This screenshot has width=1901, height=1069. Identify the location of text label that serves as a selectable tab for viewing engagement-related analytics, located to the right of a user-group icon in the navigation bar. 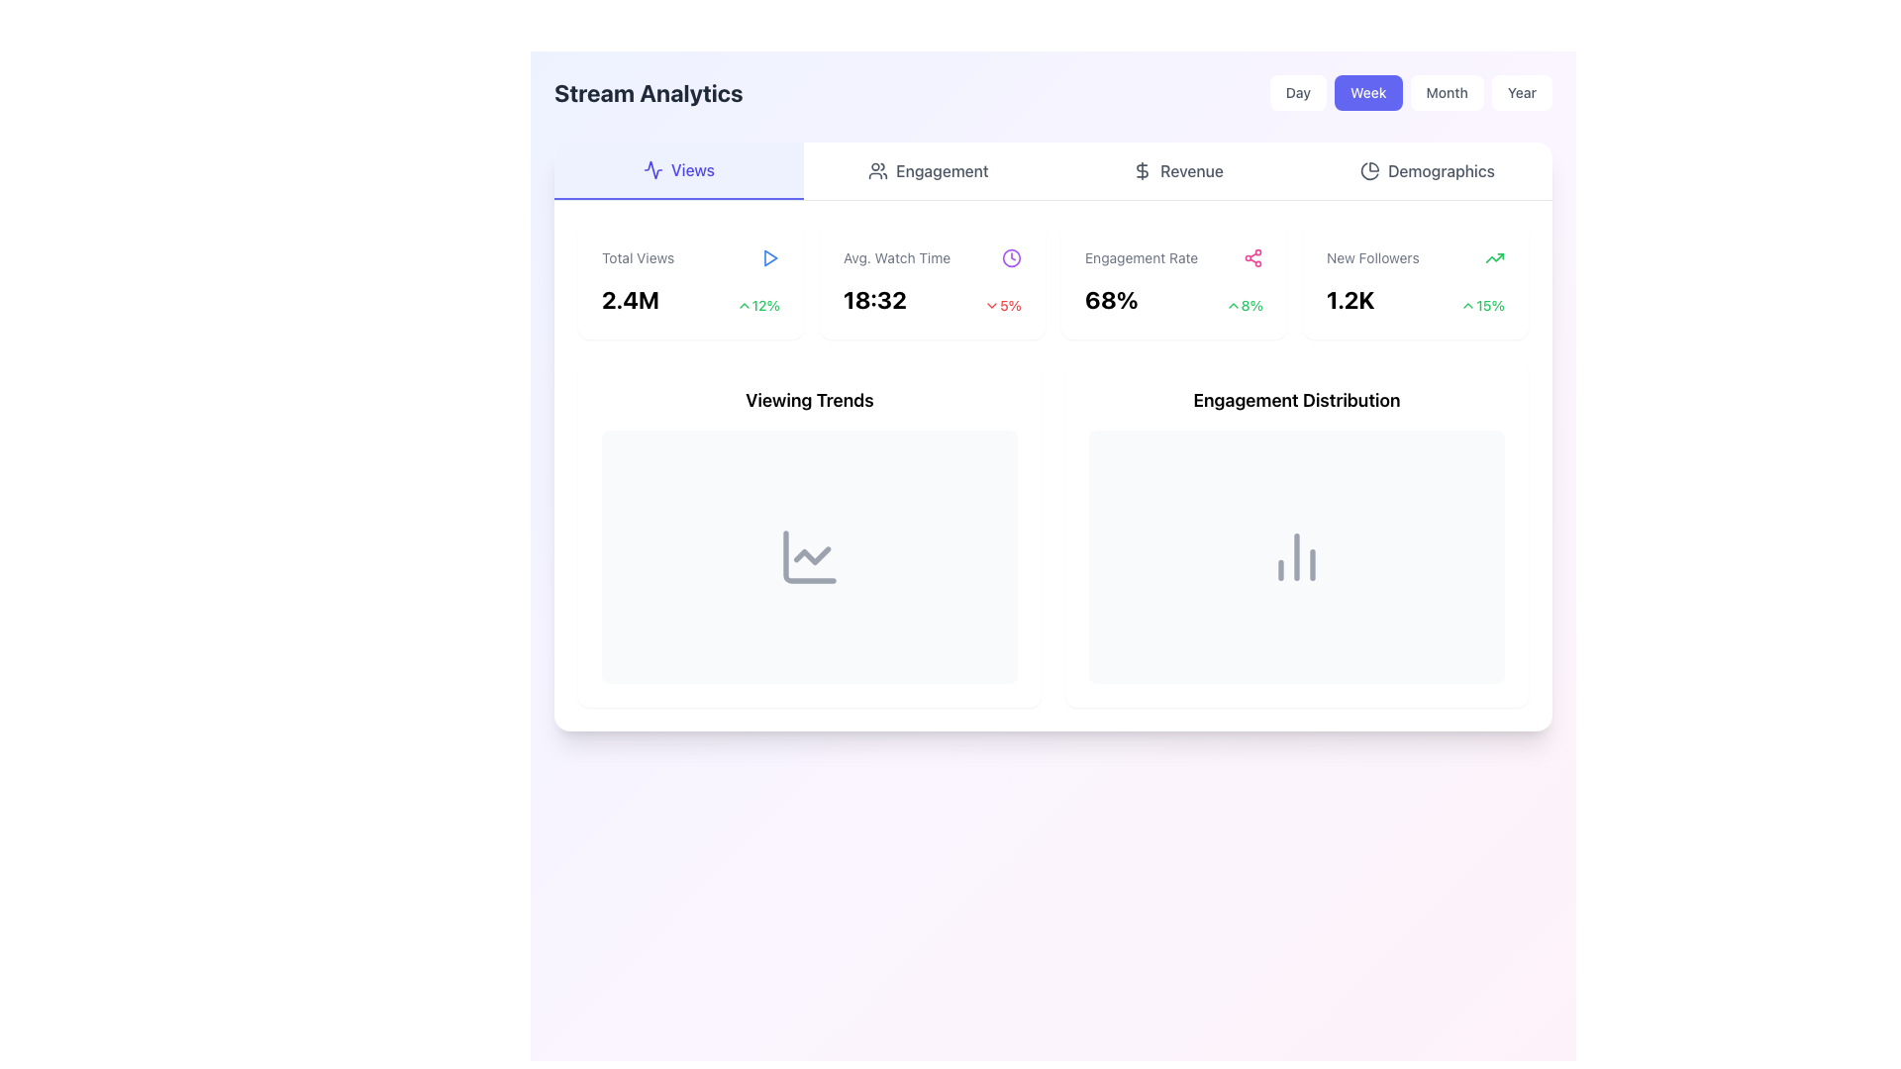
(941, 170).